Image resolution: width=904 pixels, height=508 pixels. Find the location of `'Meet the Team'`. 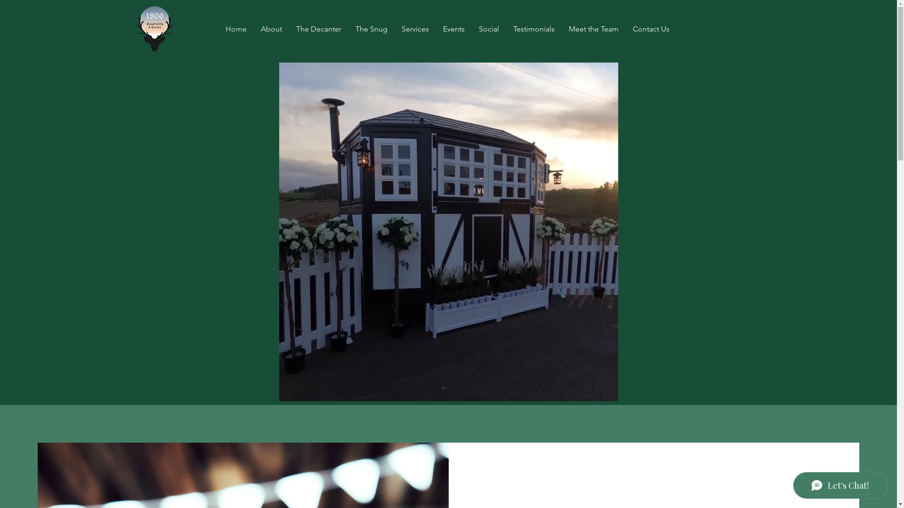

'Meet the Team' is located at coordinates (592, 28).